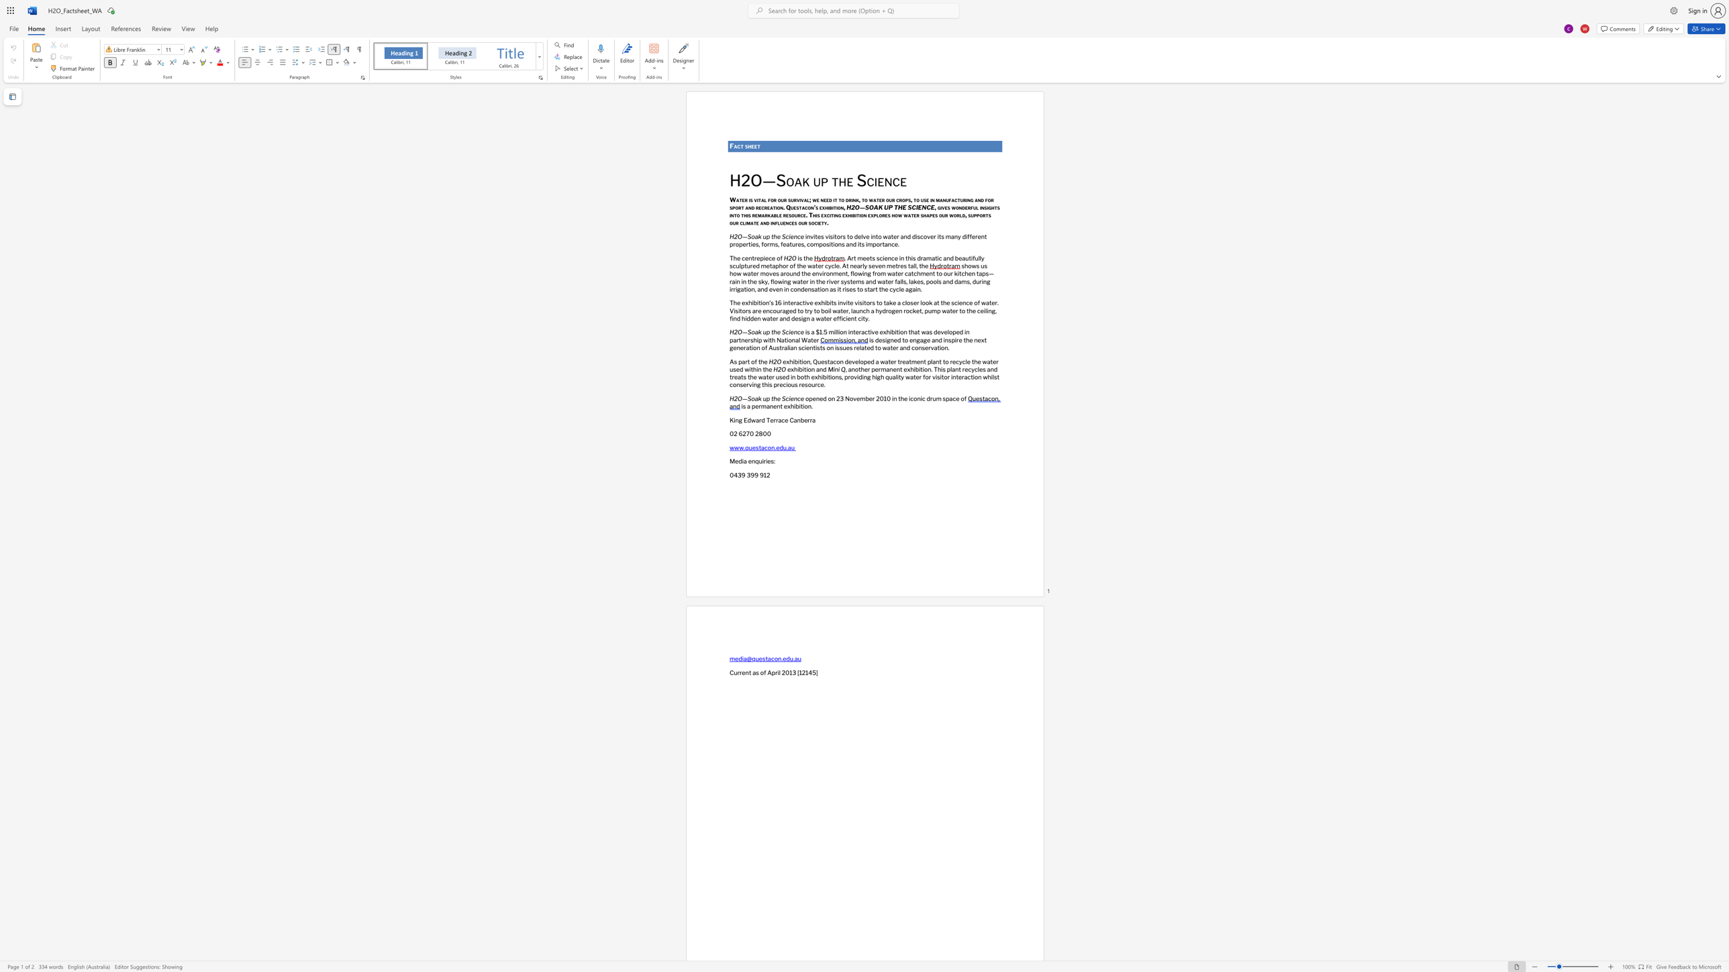  I want to click on the subset text "ries" within the text "Media enquiries:", so click(763, 460).